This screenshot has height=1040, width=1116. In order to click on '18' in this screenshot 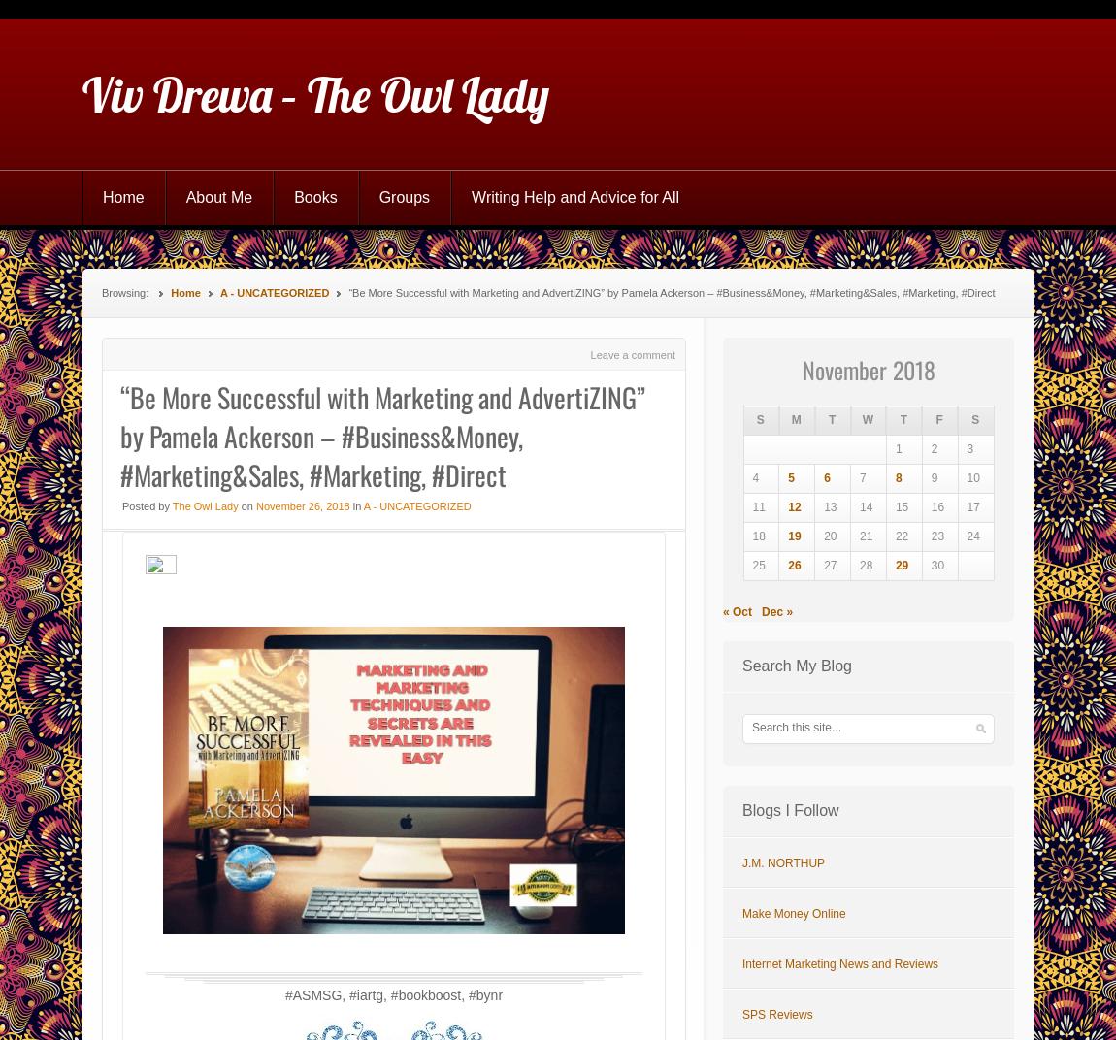, I will do `click(750, 536)`.